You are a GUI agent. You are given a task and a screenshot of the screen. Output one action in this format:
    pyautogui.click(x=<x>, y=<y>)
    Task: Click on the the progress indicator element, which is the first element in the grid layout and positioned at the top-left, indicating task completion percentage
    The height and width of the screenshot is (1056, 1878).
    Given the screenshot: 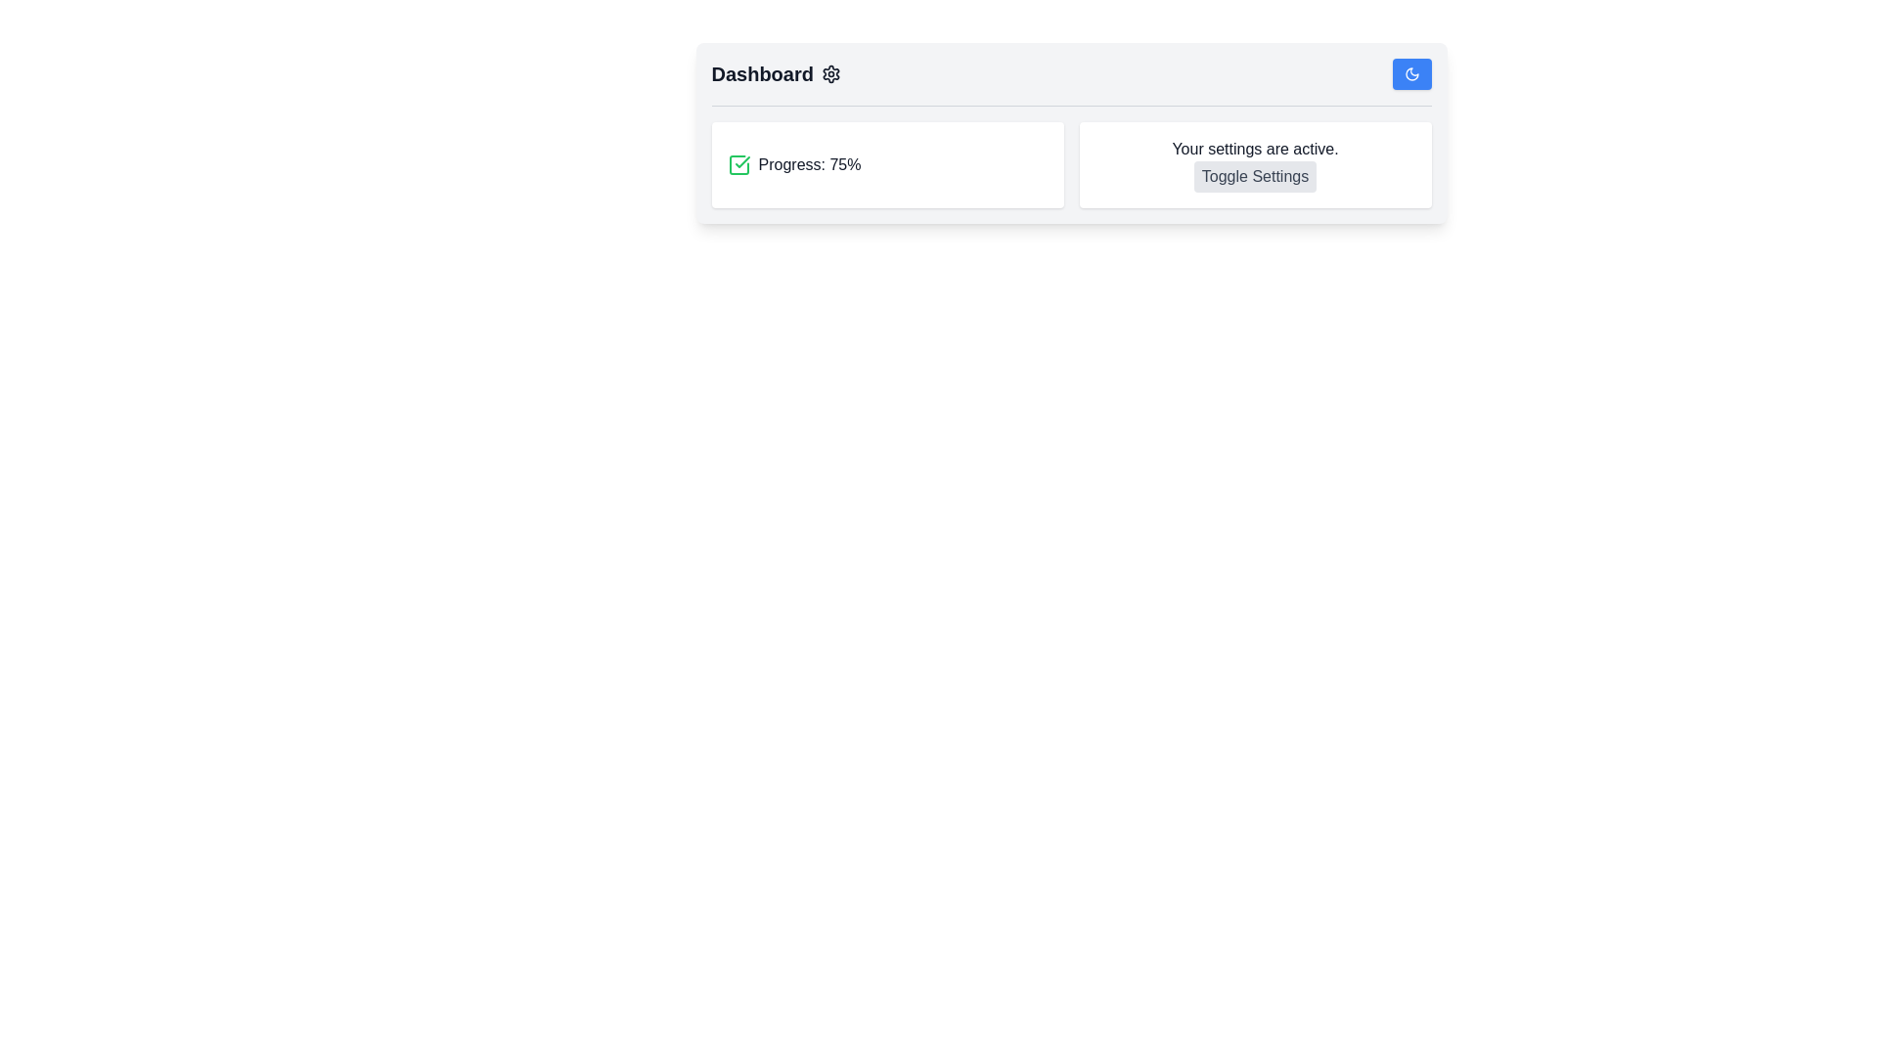 What is the action you would take?
    pyautogui.click(x=886, y=164)
    